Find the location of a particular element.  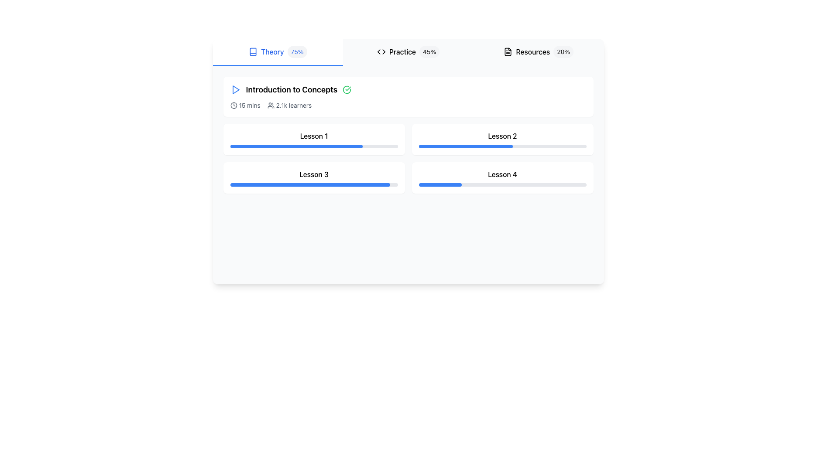

the larger outer circle of the SVG icon located in the top left quadrant of the interface is located at coordinates (234, 105).